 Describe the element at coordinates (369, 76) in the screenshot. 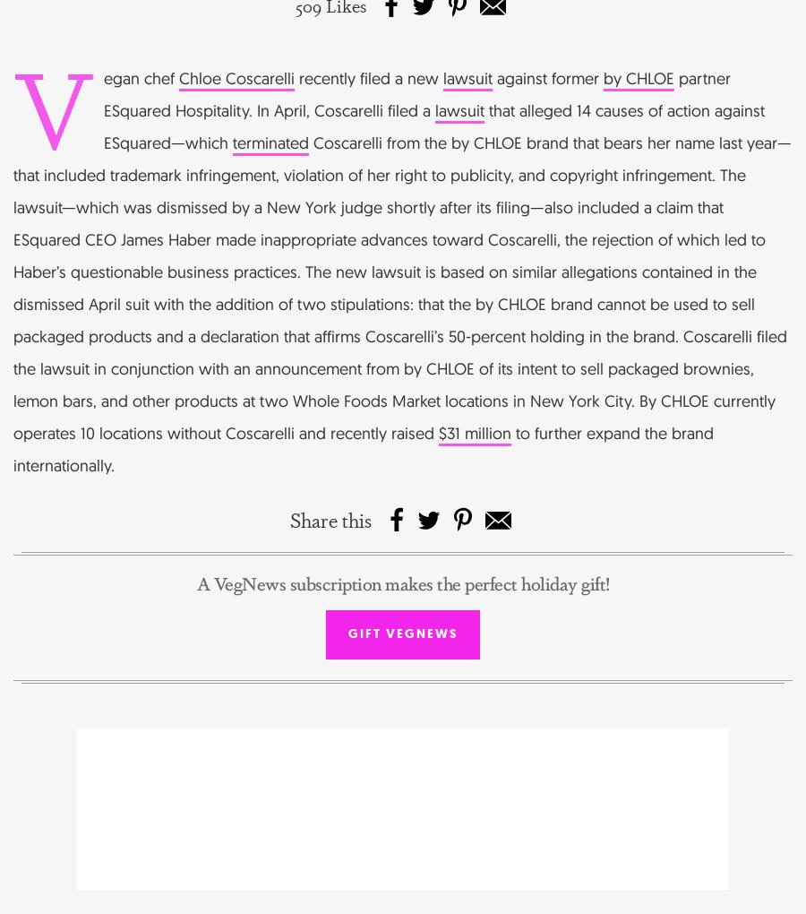

I see `'recently filed a new'` at that location.